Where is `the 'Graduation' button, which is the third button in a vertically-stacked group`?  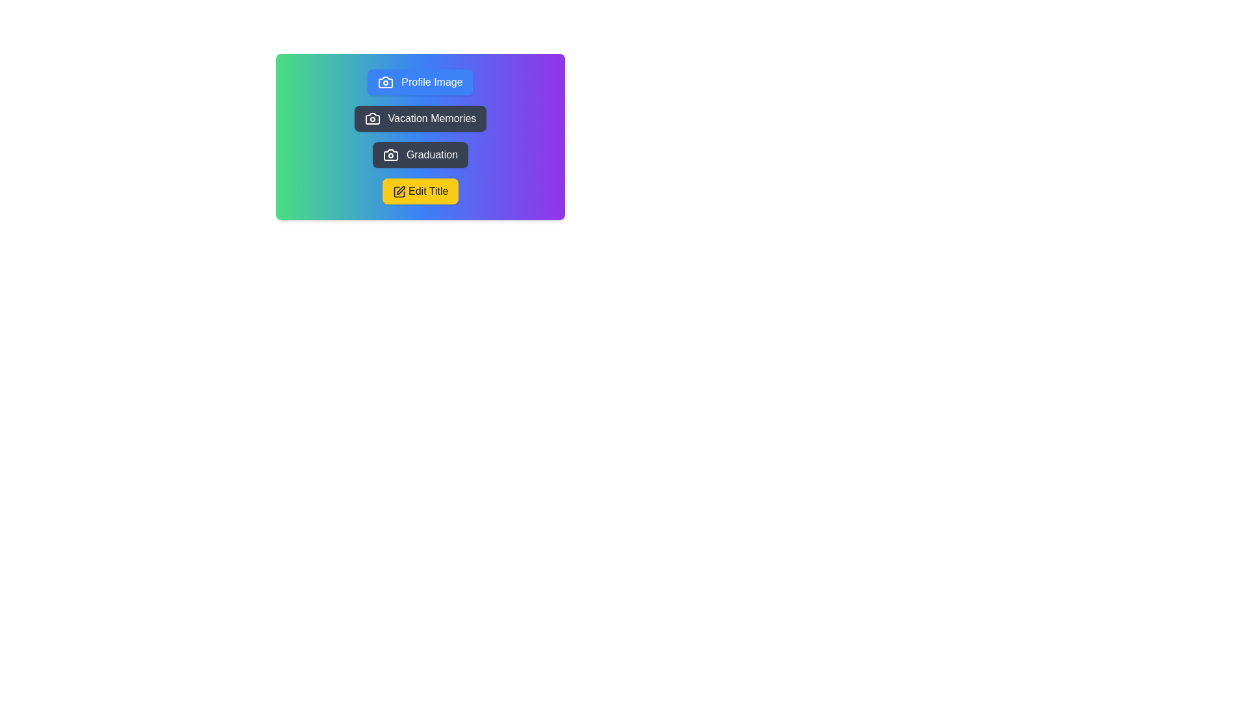
the 'Graduation' button, which is the third button in a vertically-stacked group is located at coordinates (420, 154).